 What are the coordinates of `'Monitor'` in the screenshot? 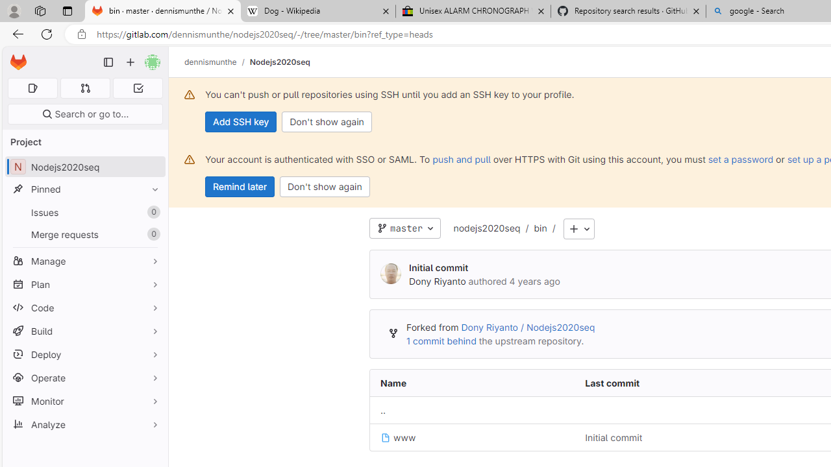 It's located at (84, 400).